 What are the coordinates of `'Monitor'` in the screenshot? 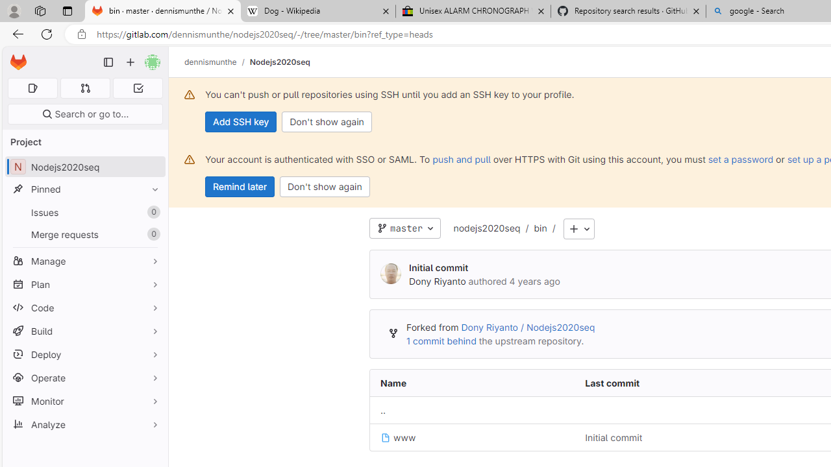 It's located at (84, 400).